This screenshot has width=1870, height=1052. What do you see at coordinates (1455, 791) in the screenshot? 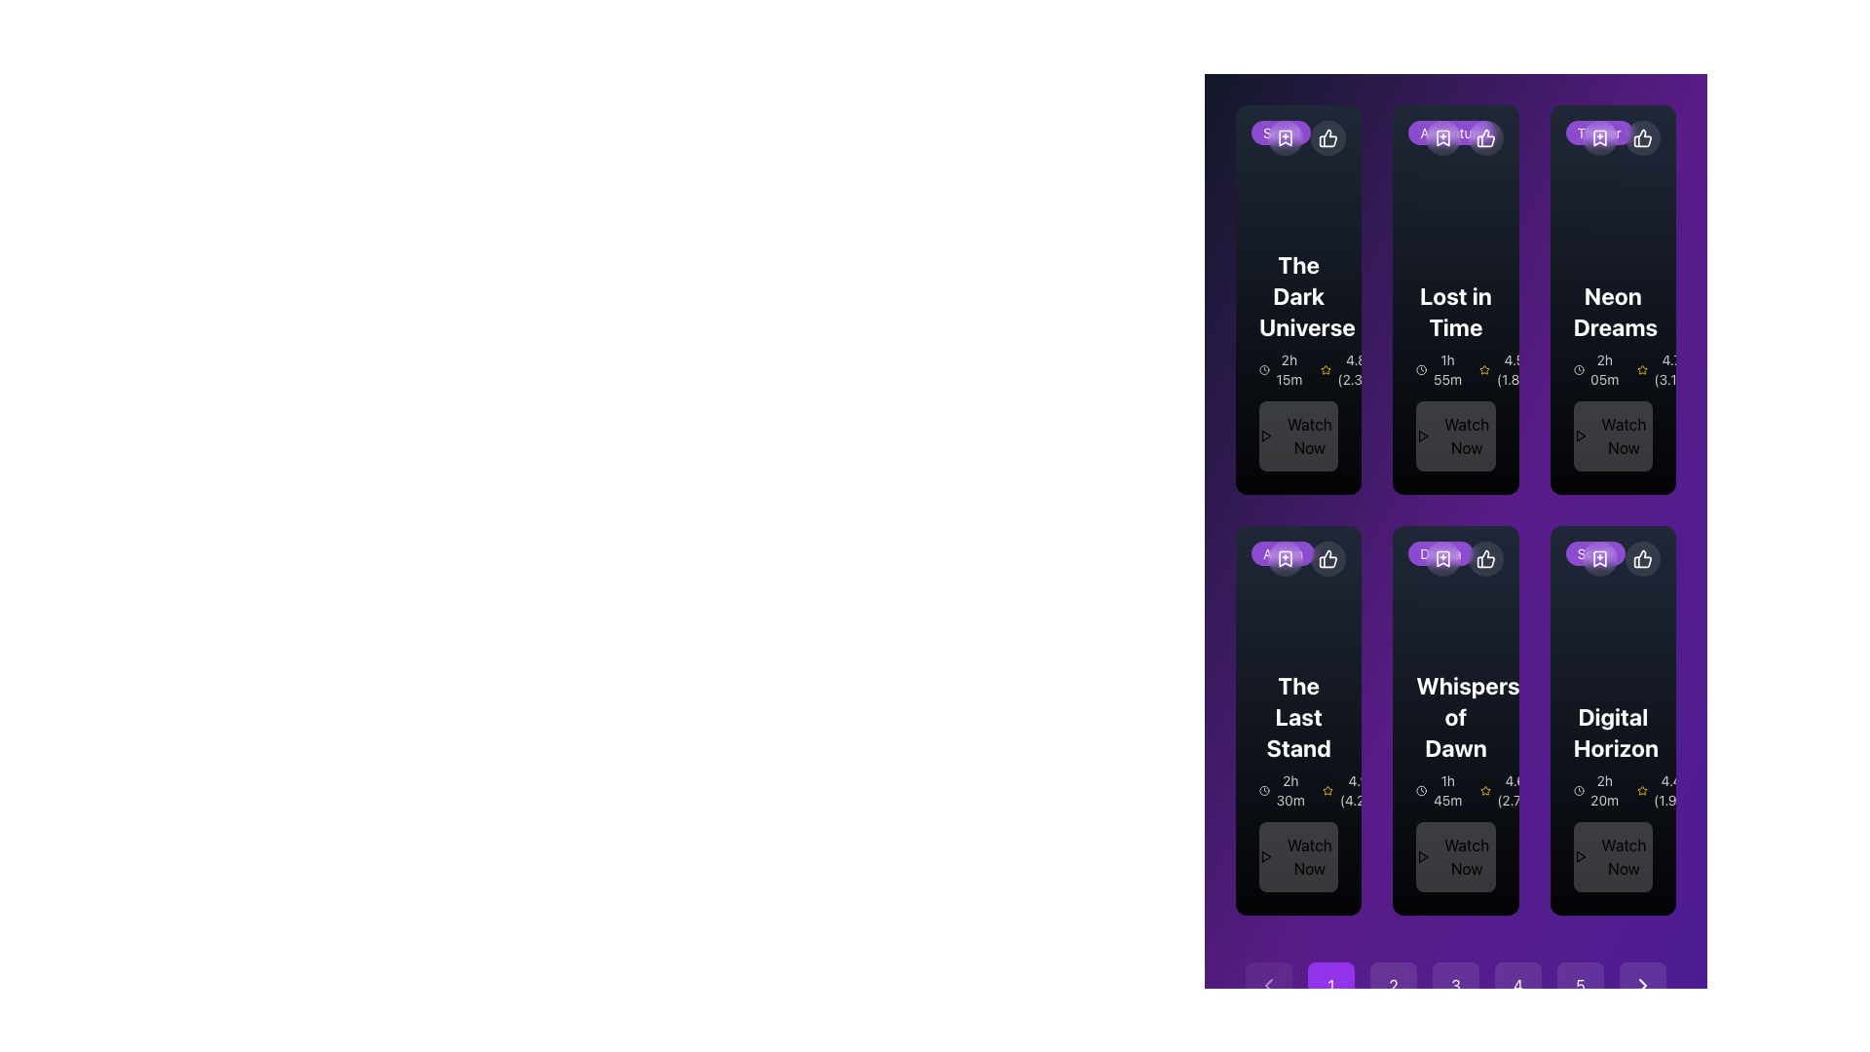
I see `the informational display about the movie duration and rating located beneath the title text of the 'Whispers of Dawn' card, which is the second section in the card above the 'Watch Now' button` at bounding box center [1455, 791].